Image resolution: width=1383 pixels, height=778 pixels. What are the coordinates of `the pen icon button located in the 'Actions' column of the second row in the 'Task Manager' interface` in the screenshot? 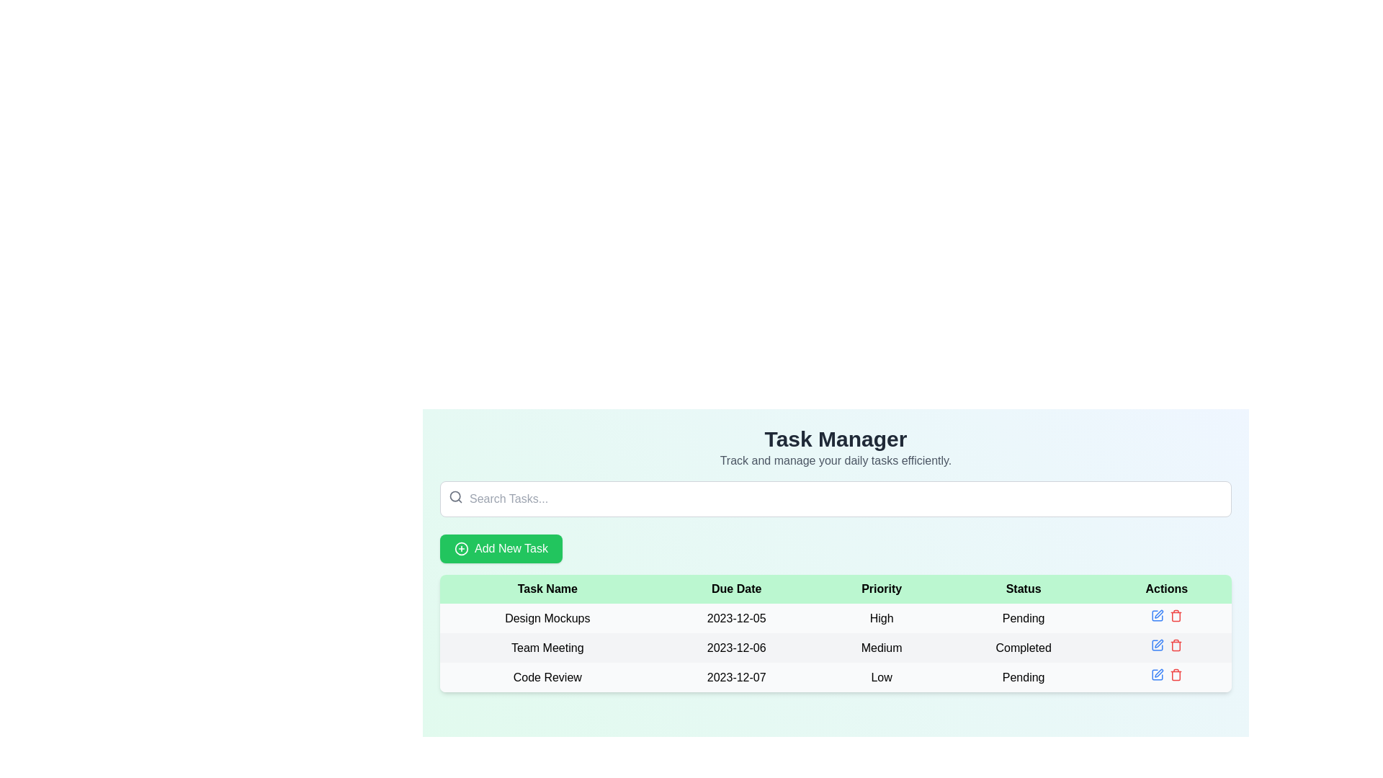 It's located at (1158, 643).